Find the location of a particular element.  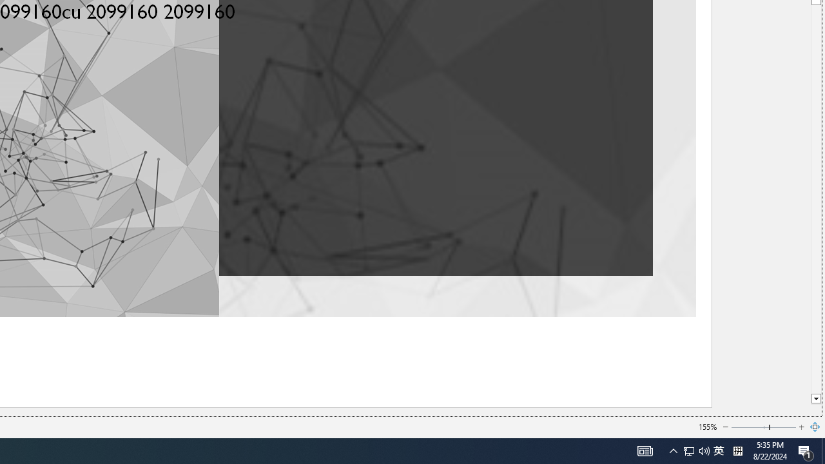

'Page left' is located at coordinates (750, 427).